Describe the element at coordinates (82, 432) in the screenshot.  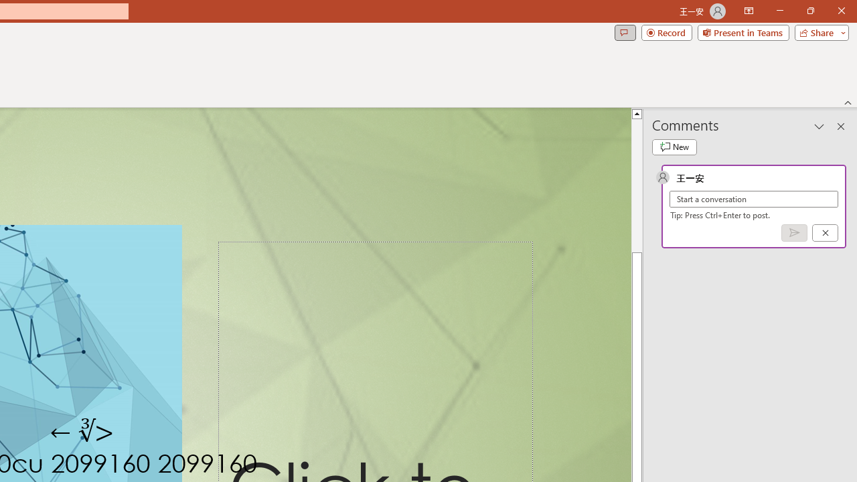
I see `'TextBox 7'` at that location.